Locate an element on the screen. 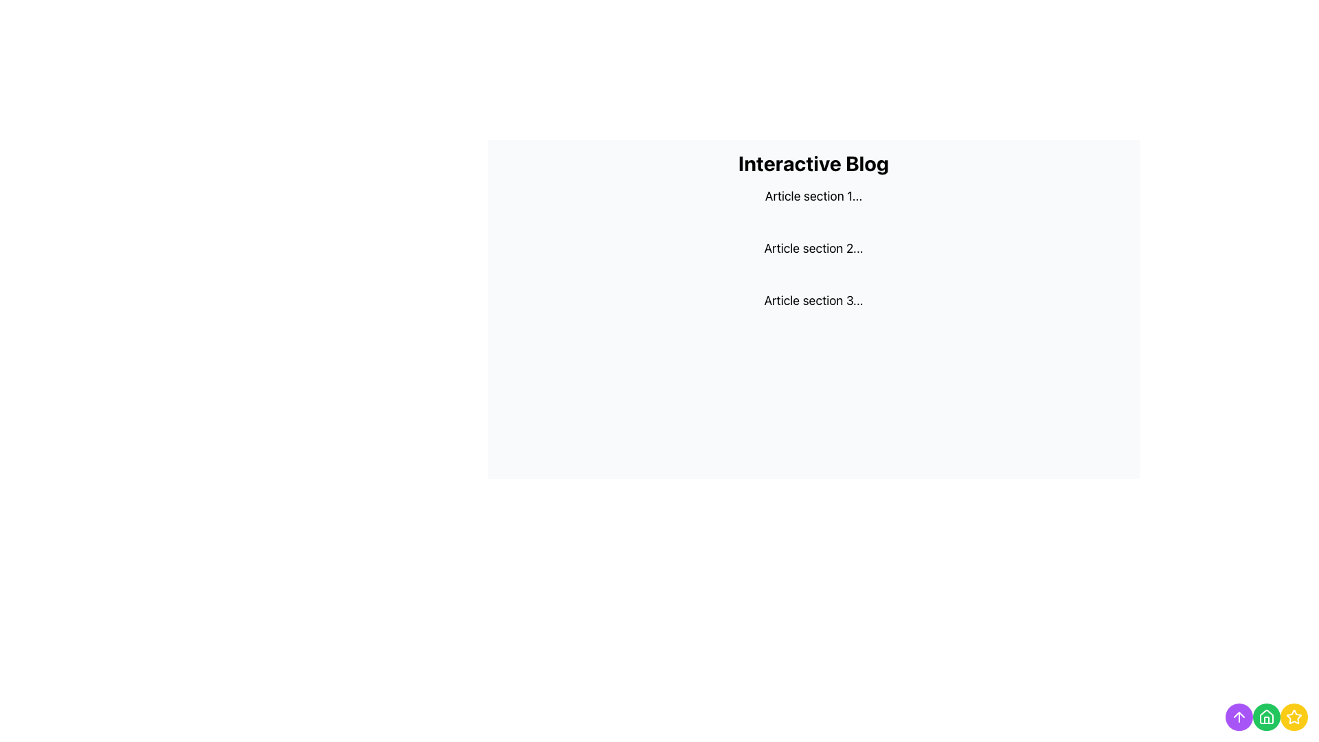 This screenshot has height=742, width=1319. the 'Home' navigation button located in the bottom-right corner of the interface is located at coordinates (1265, 717).